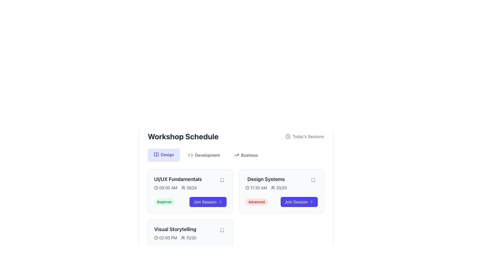 This screenshot has height=273, width=485. What do you see at coordinates (178, 179) in the screenshot?
I see `the title text of the first workshop session card under the 'Design' category in the 'Workshop Schedule' section` at bounding box center [178, 179].